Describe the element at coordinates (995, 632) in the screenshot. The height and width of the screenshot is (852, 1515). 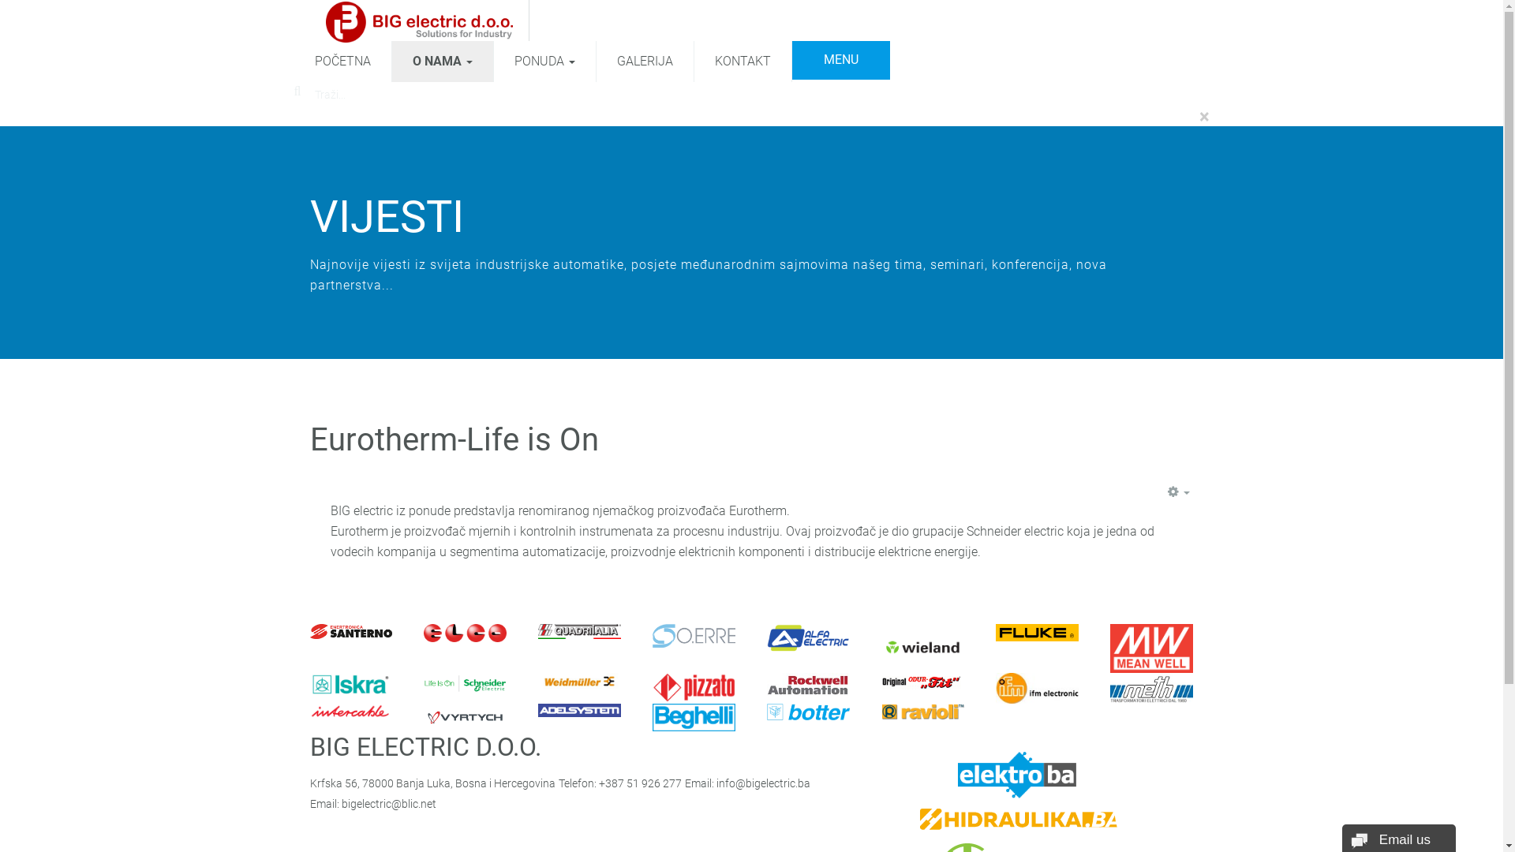
I see `'Fluke'` at that location.